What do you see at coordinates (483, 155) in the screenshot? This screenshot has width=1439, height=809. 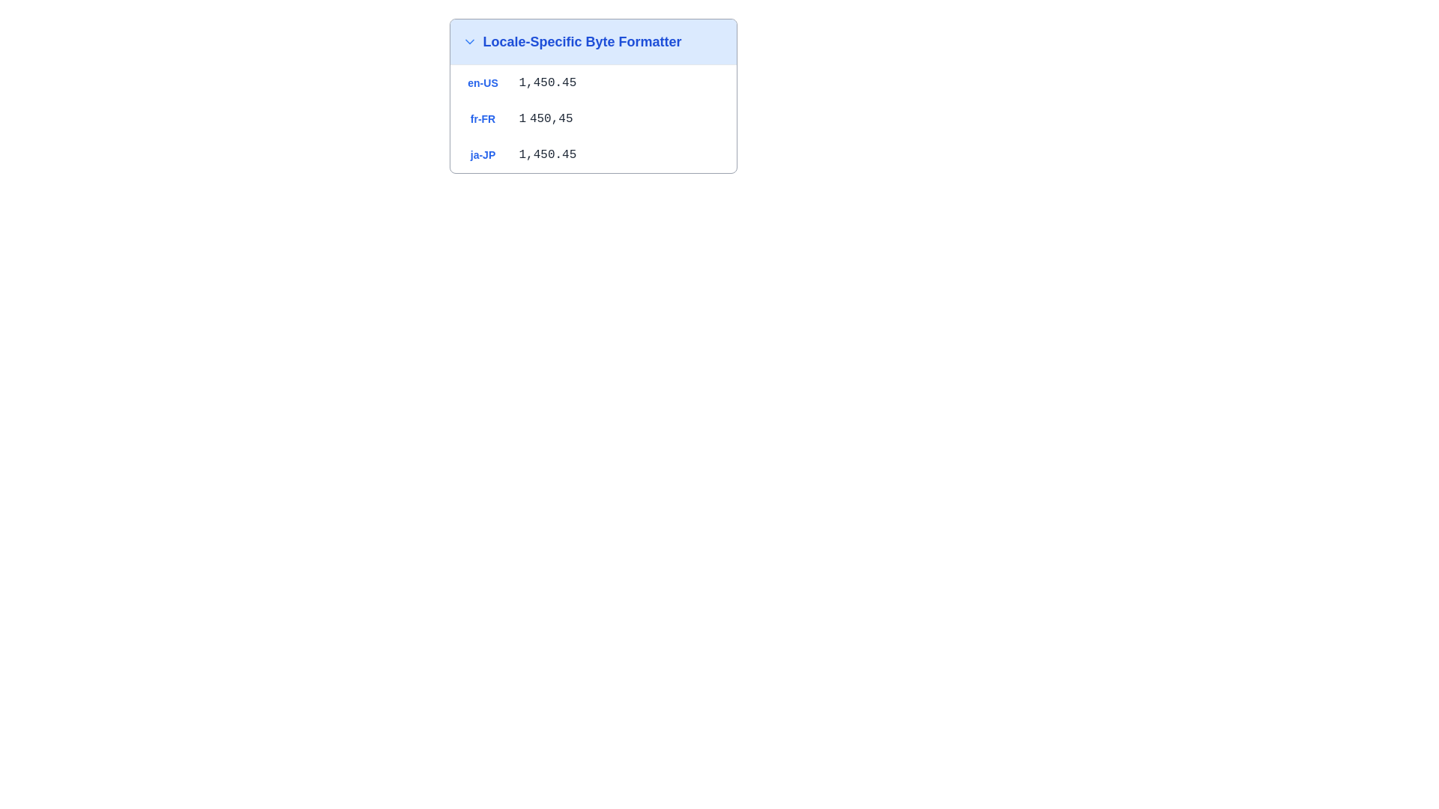 I see `the Text label indicating the Japanese language and Japan region, located in the third row under the header 'Locale-Specific Byte Formatter', aligned with the numeric value '1,450.45'` at bounding box center [483, 155].